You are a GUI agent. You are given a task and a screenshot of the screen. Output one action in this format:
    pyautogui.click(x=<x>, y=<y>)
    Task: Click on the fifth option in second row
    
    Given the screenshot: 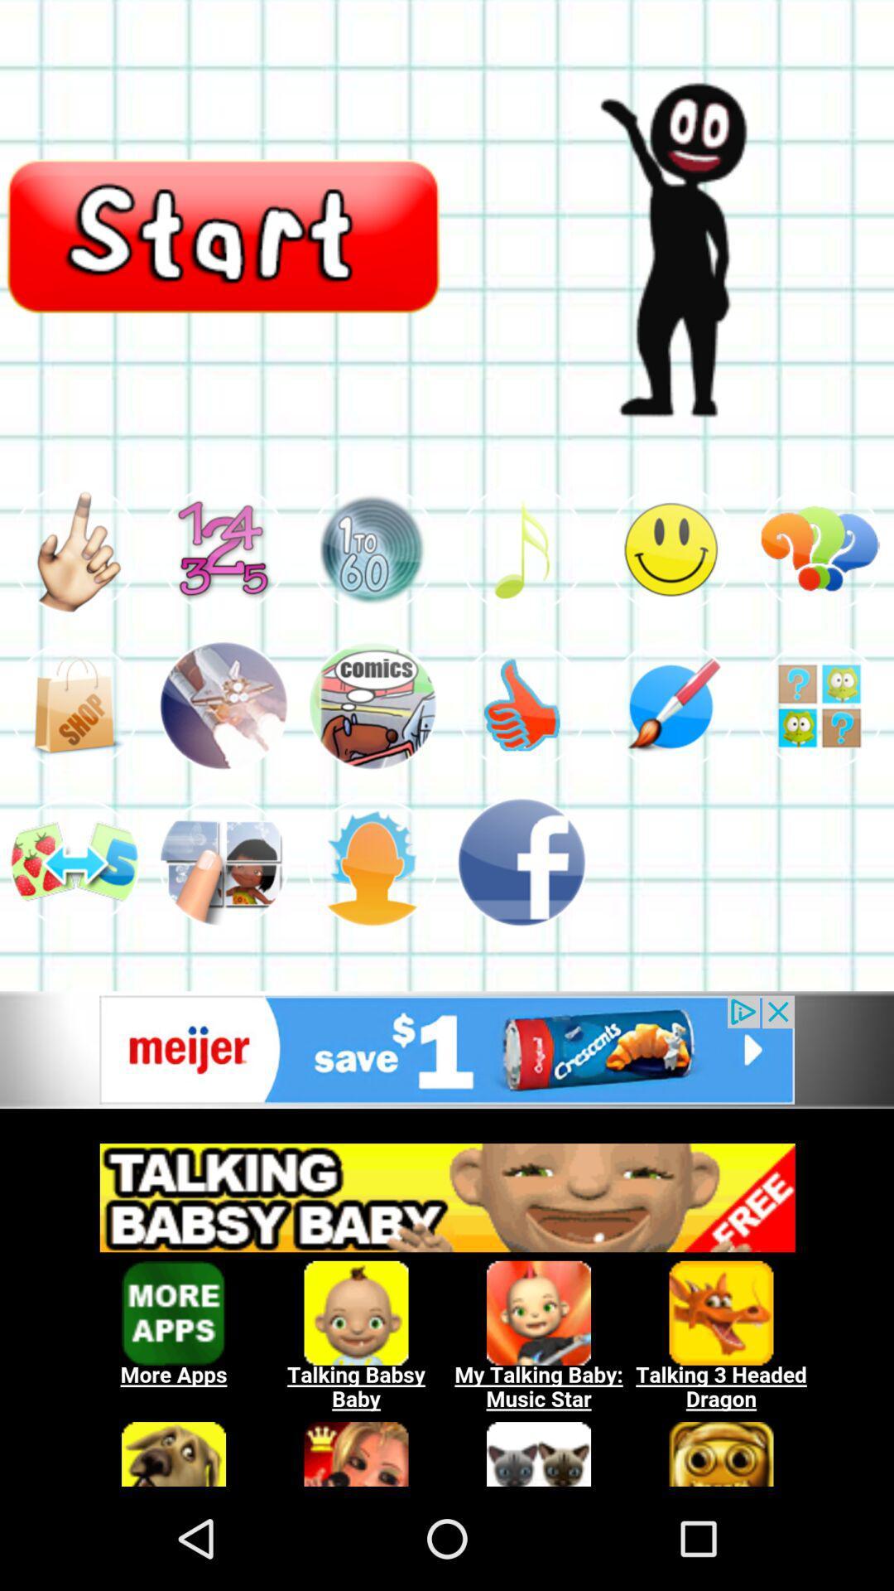 What is the action you would take?
    pyautogui.click(x=670, y=706)
    